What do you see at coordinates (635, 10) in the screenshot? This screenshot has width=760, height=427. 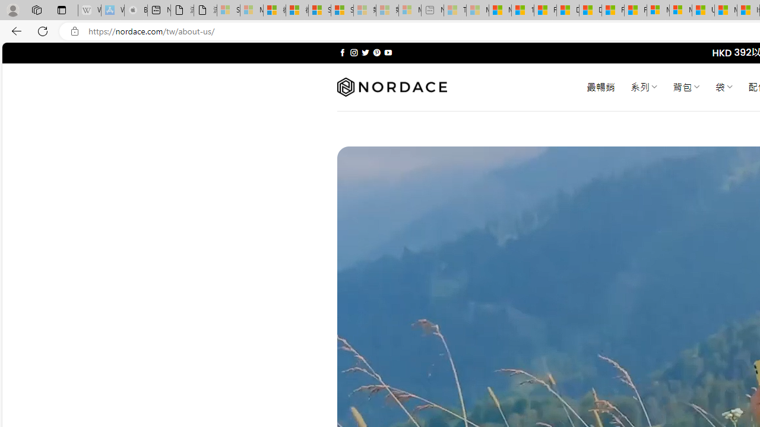 I see `'Foo BAR | Trusted Community Engagement and Contributions'` at bounding box center [635, 10].